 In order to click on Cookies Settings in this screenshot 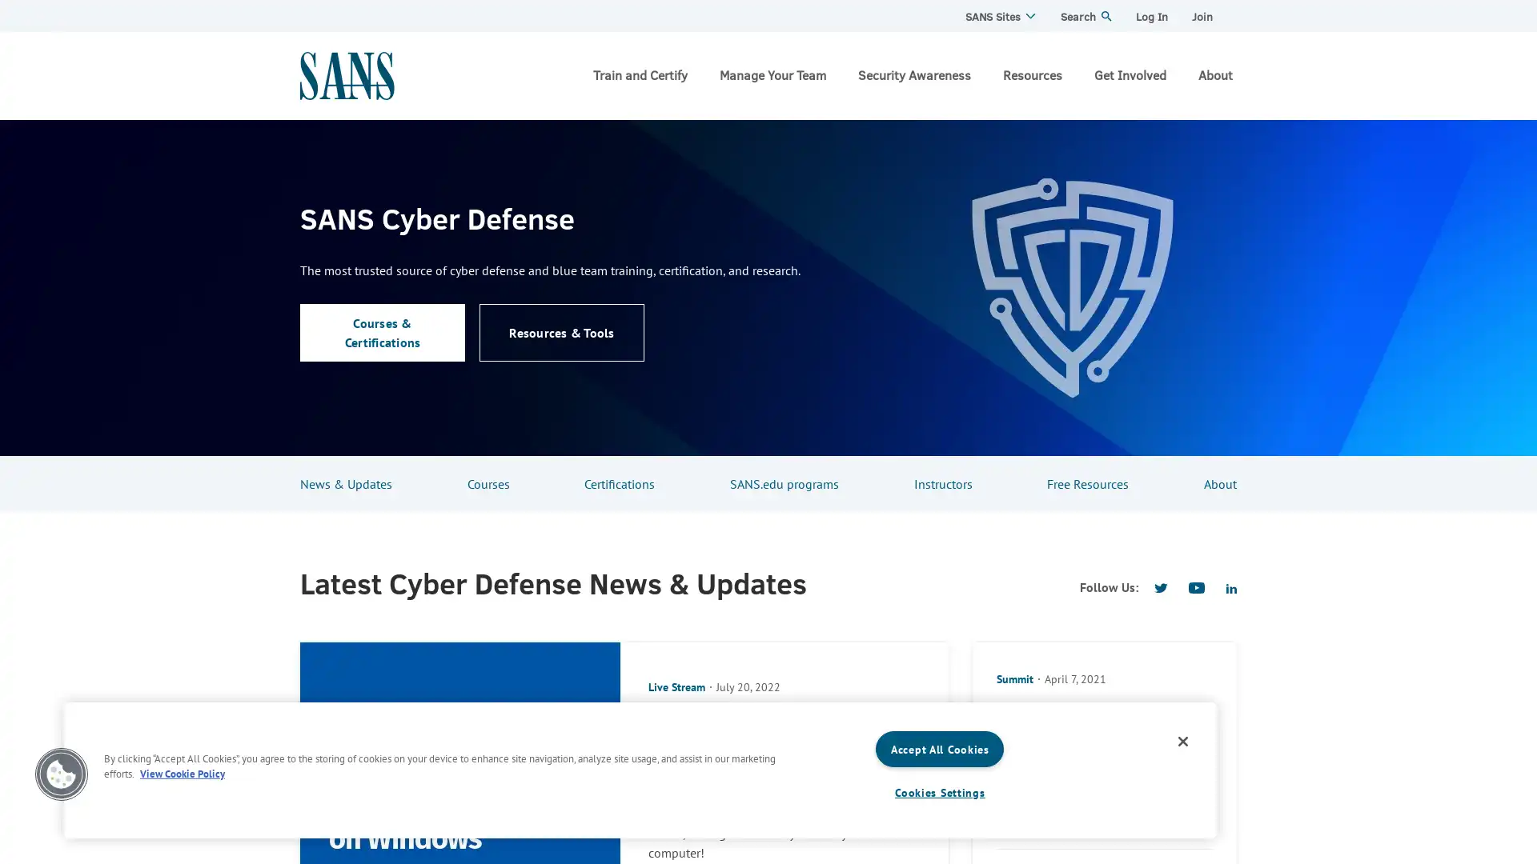, I will do `click(940, 792)`.